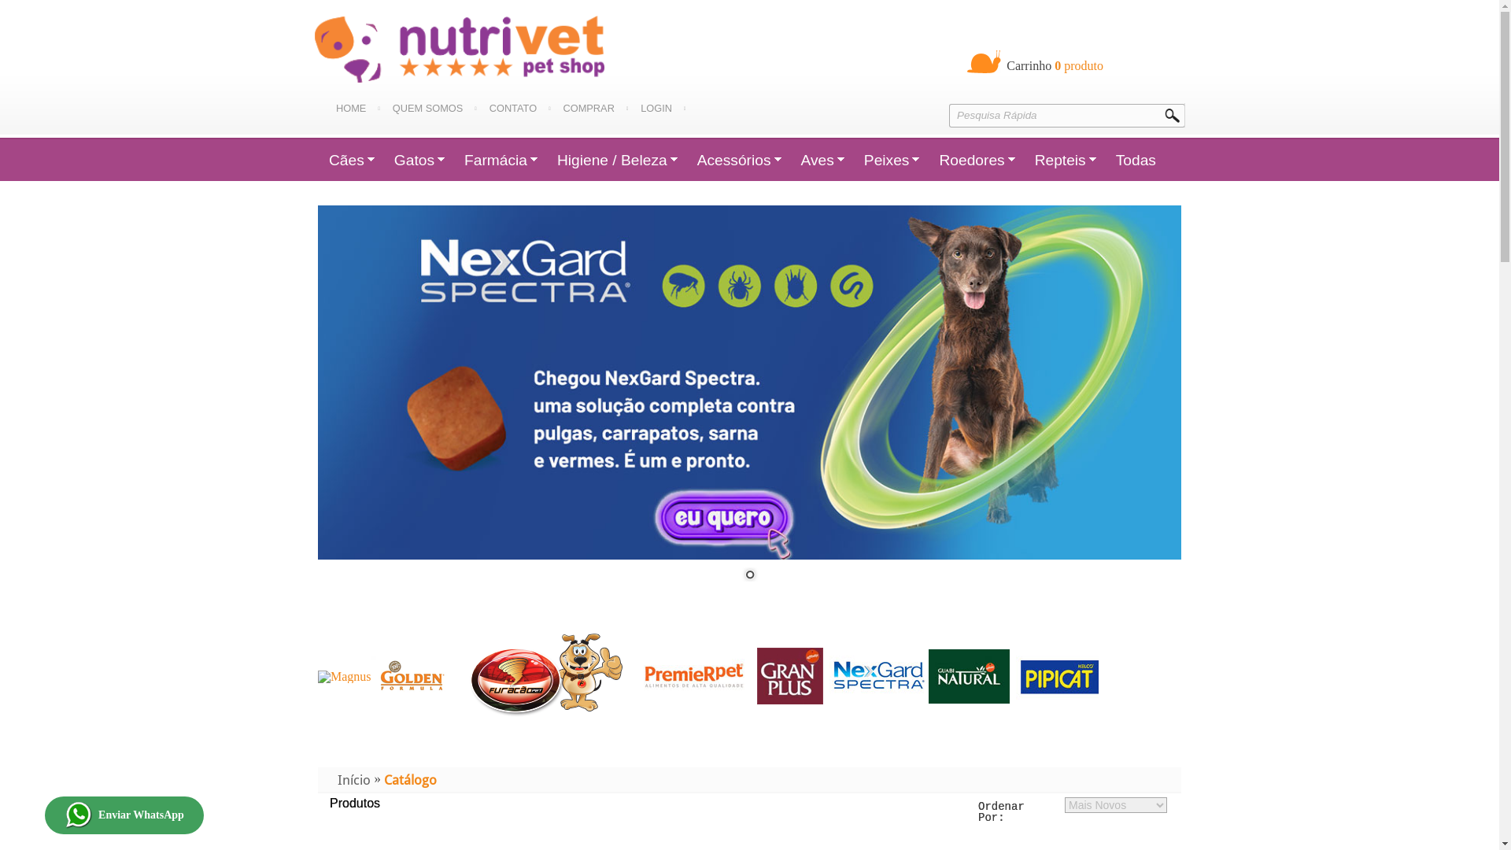  Describe the element at coordinates (1055, 65) in the screenshot. I see `'                    Carrinho` at that location.